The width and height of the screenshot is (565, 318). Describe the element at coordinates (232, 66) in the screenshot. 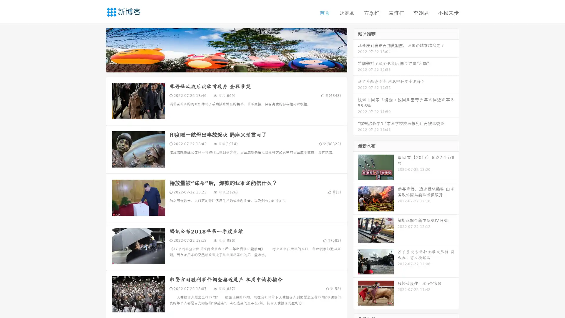

I see `Go to slide 3` at that location.